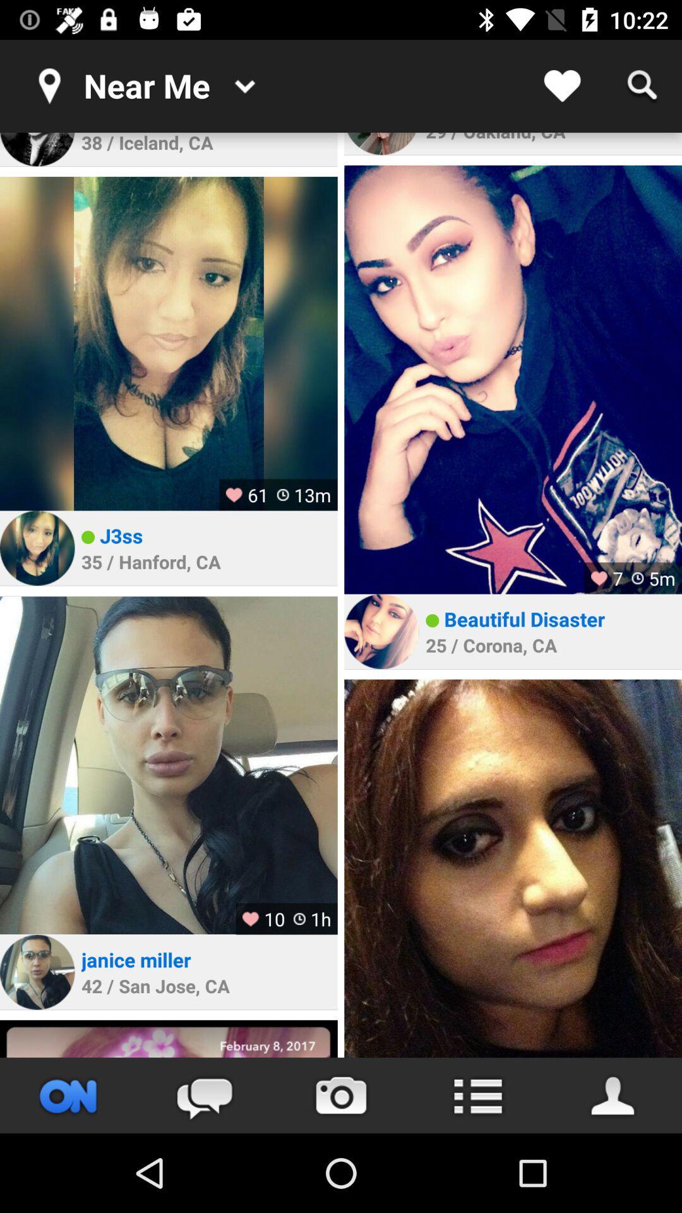 This screenshot has height=1213, width=682. What do you see at coordinates (513, 379) in the screenshot?
I see `open picture` at bounding box center [513, 379].